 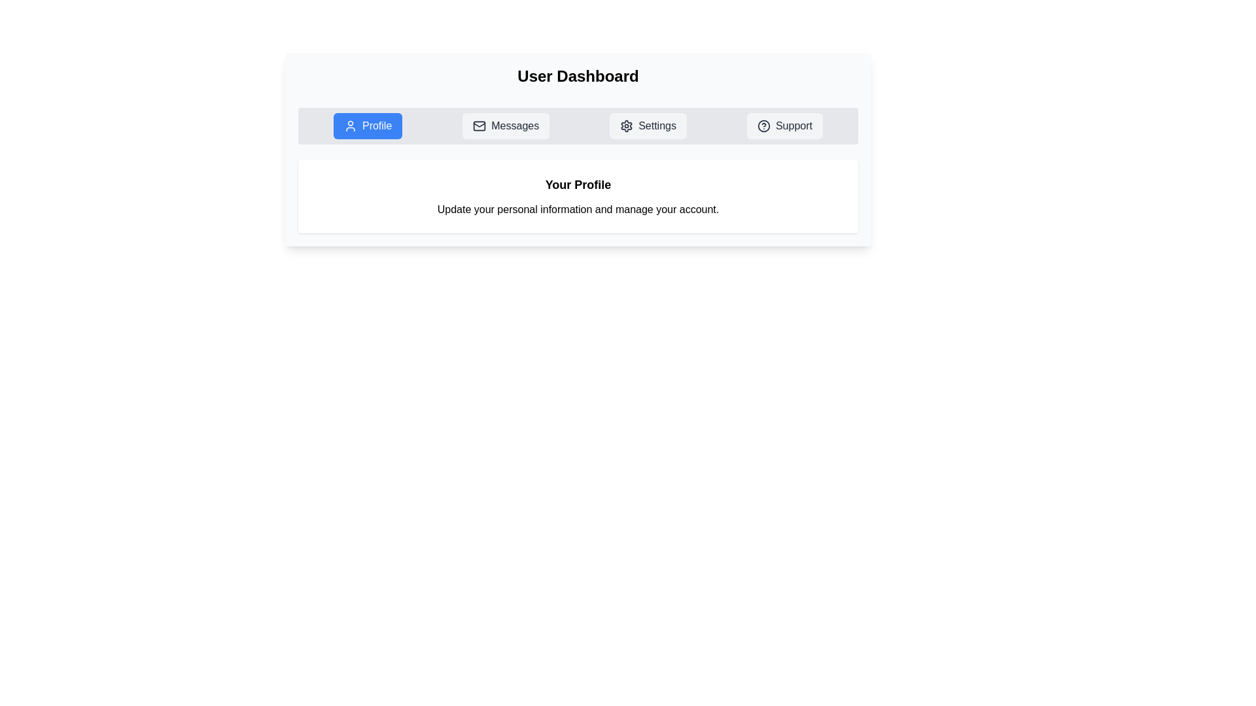 I want to click on the settings button, which is the third button in a row between the 'Messages' and 'Support' buttons, so click(x=648, y=126).